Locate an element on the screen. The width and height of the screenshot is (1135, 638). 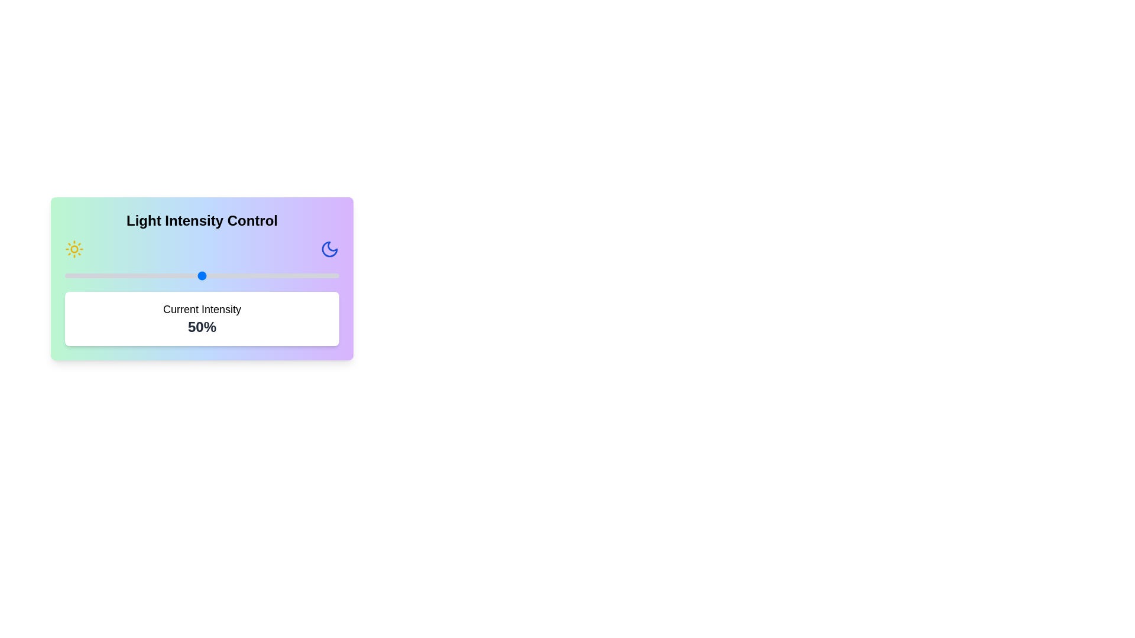
the light intensity control button located in the top left area of the horizontal bar beneath the heading 'Light Intensity Control' is located at coordinates (73, 248).